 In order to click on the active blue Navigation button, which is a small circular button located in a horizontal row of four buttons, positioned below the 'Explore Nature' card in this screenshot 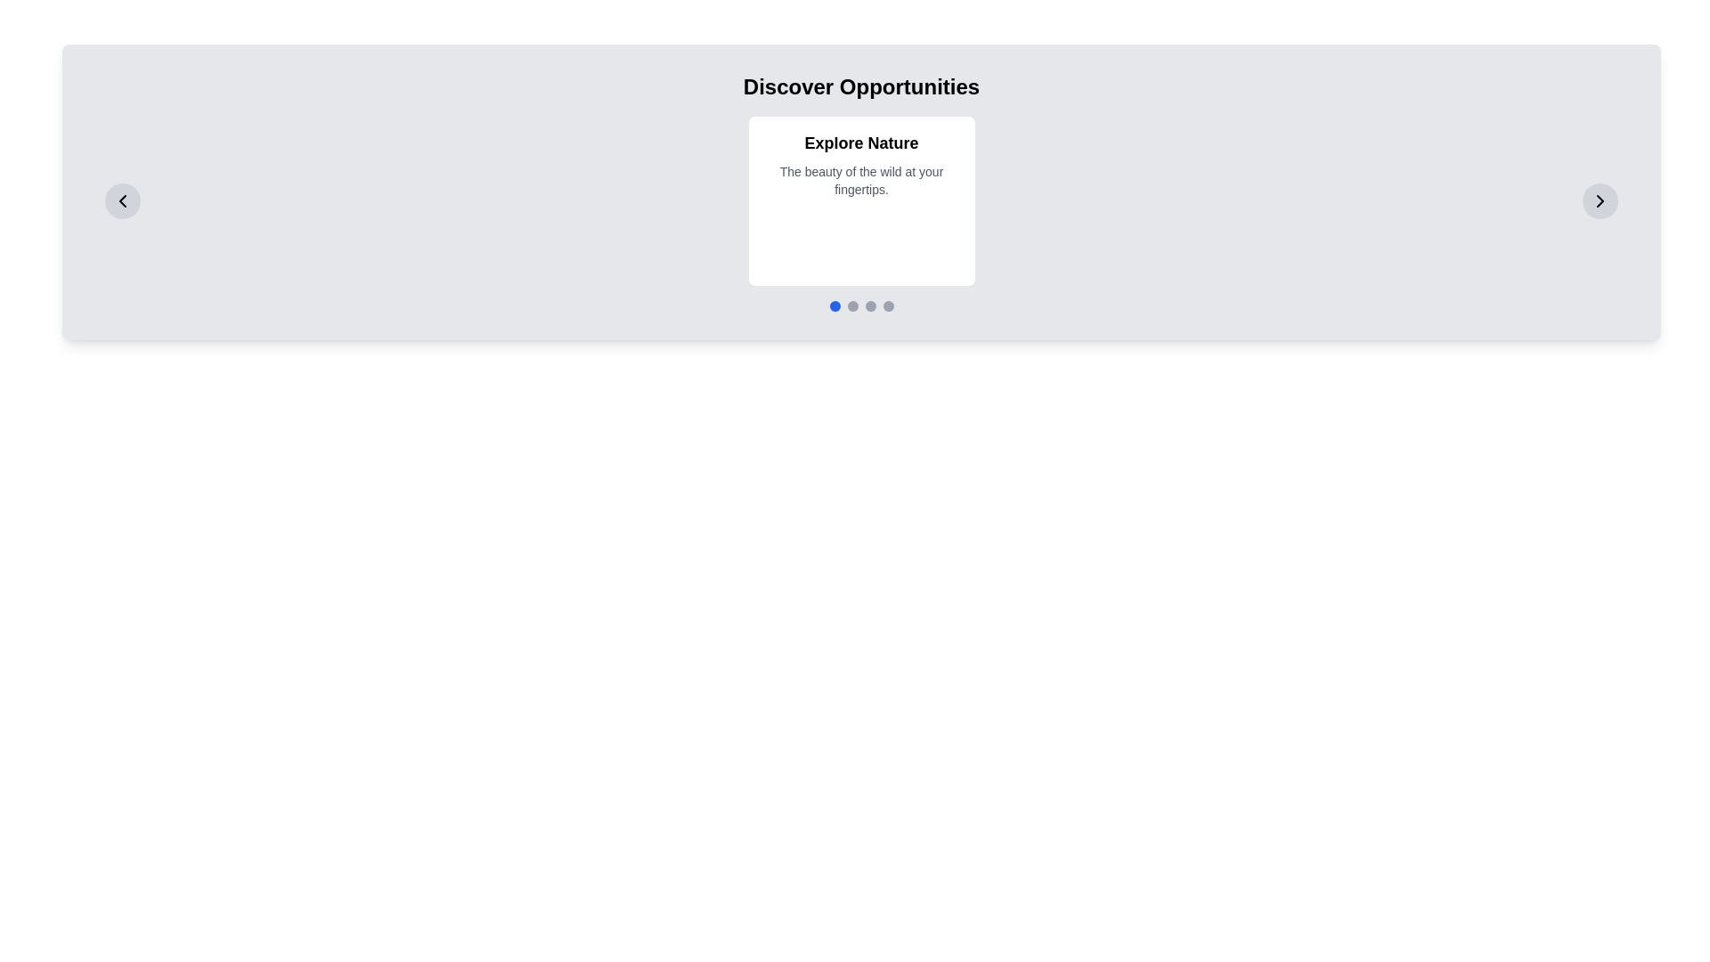, I will do `click(834, 305)`.